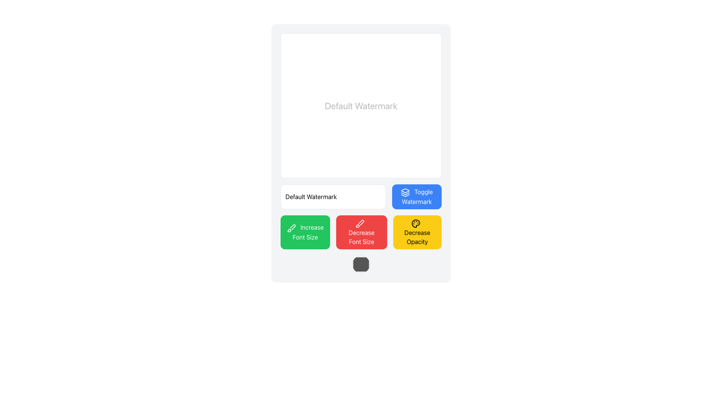 The image size is (726, 408). I want to click on the circular icon element that contributes to the artistic representation of the palette icon located on the bottom-right of the grid of buttons, so click(415, 223).